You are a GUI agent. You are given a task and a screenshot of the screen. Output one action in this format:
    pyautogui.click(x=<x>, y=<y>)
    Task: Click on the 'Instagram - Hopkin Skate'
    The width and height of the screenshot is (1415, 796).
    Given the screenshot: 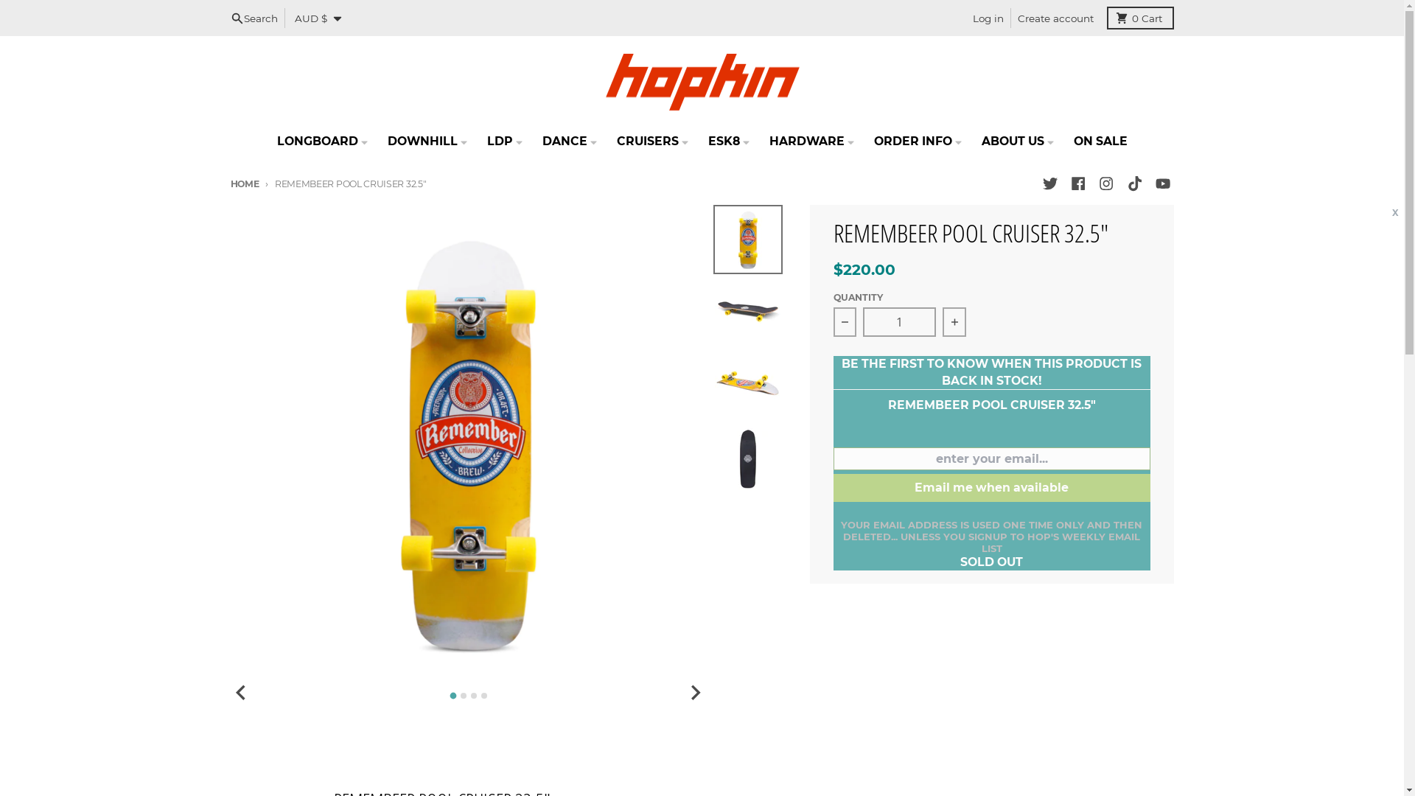 What is the action you would take?
    pyautogui.click(x=1106, y=183)
    